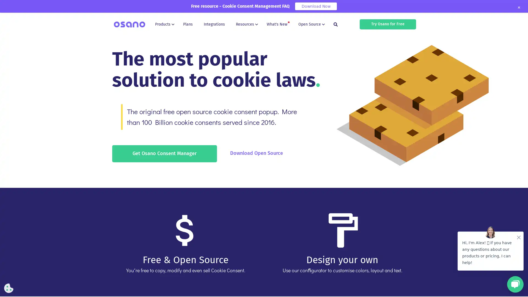 This screenshot has height=297, width=528. Describe the element at coordinates (518, 7) in the screenshot. I see `Close` at that location.